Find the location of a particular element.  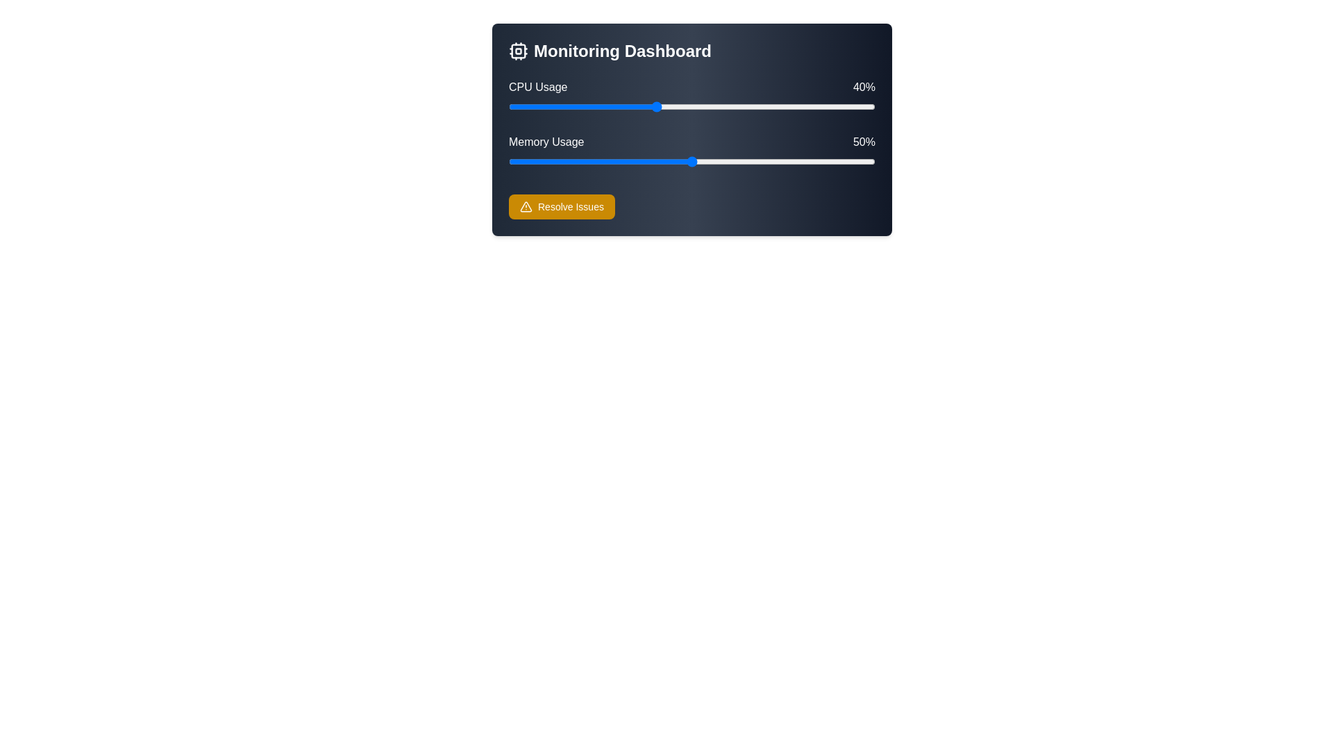

CPU usage is located at coordinates (746, 106).